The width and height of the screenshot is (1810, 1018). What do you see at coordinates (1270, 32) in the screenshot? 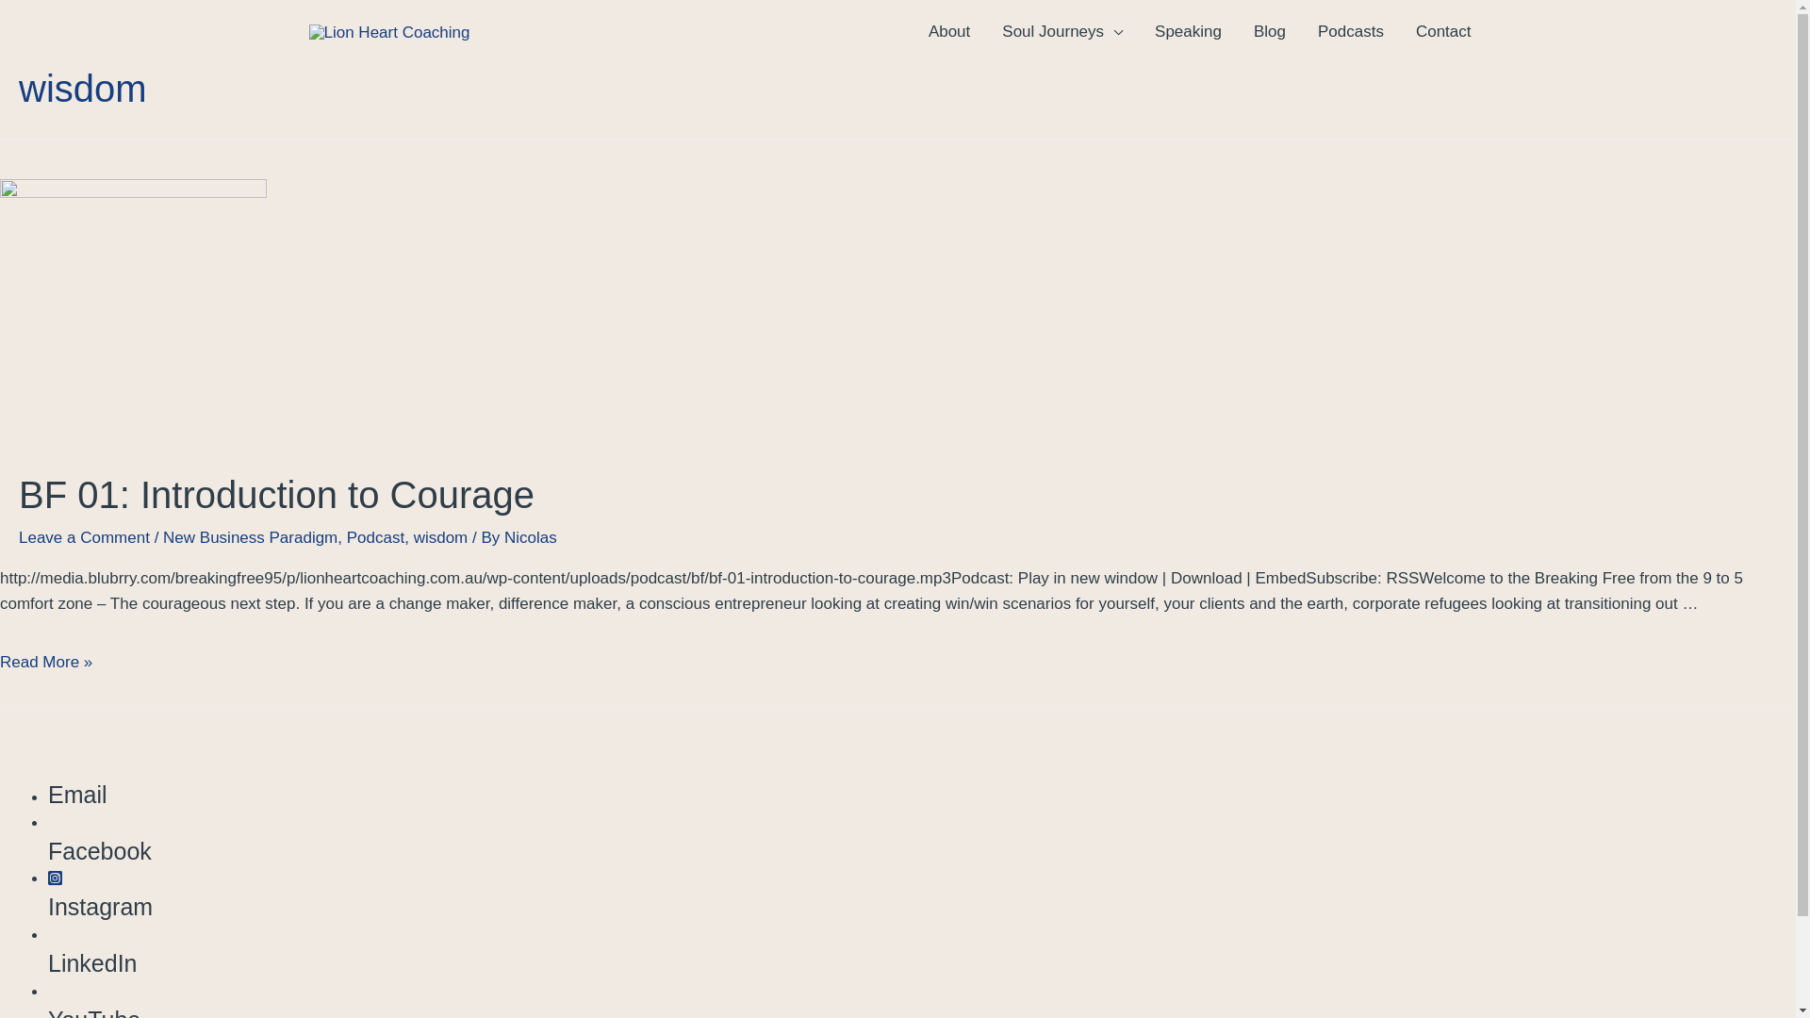
I see `'Blog'` at bounding box center [1270, 32].